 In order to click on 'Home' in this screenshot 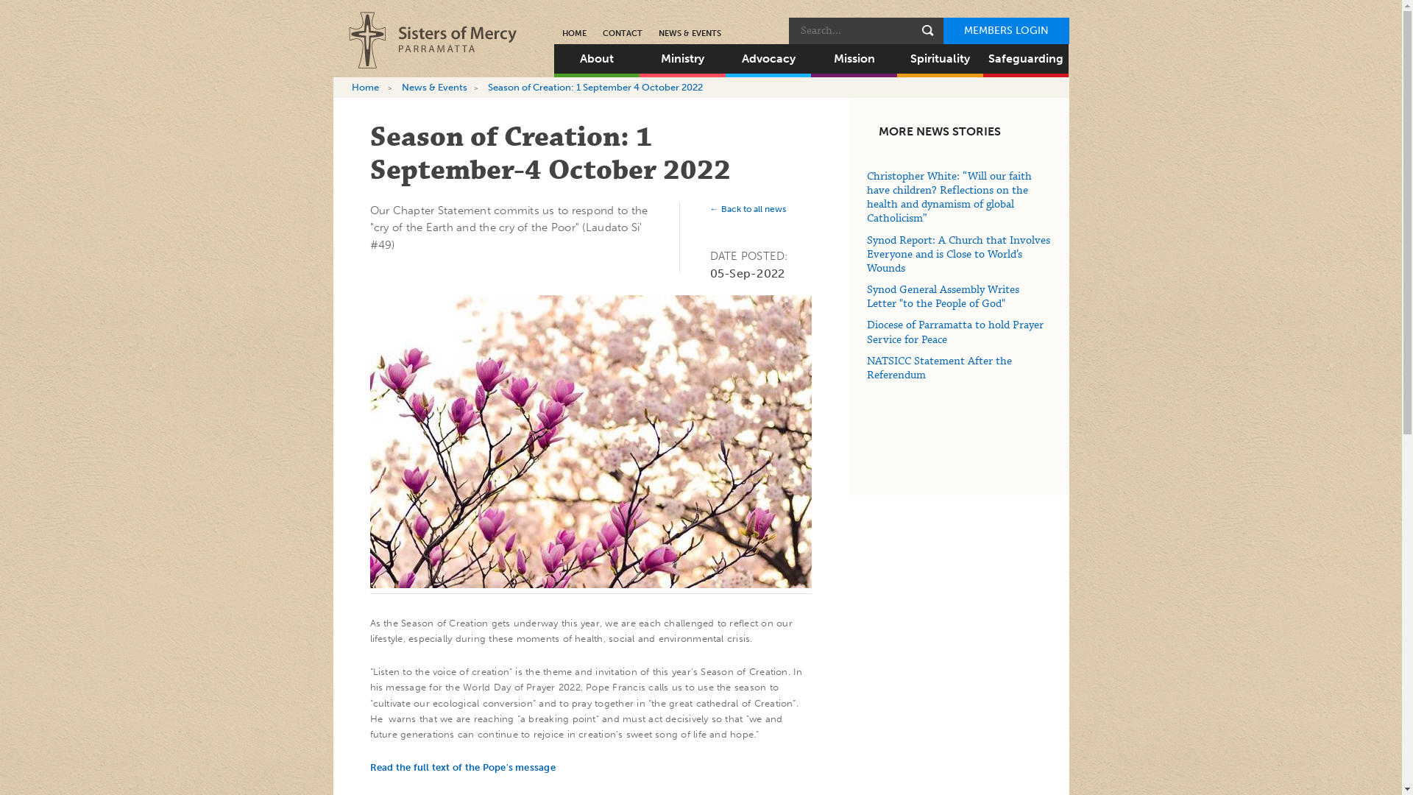, I will do `click(365, 87)`.